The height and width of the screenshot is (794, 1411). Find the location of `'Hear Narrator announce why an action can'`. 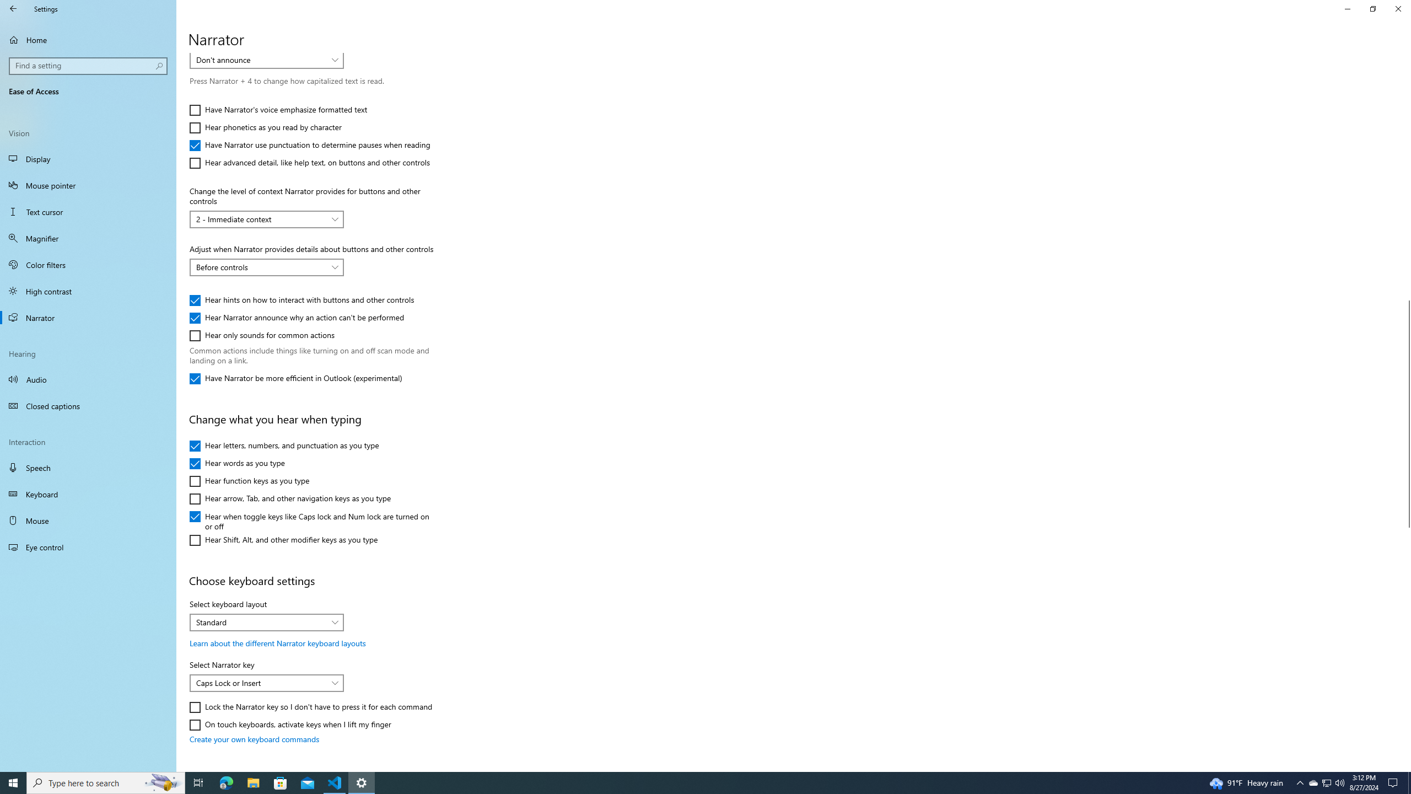

'Hear Narrator announce why an action can' is located at coordinates (297, 318).